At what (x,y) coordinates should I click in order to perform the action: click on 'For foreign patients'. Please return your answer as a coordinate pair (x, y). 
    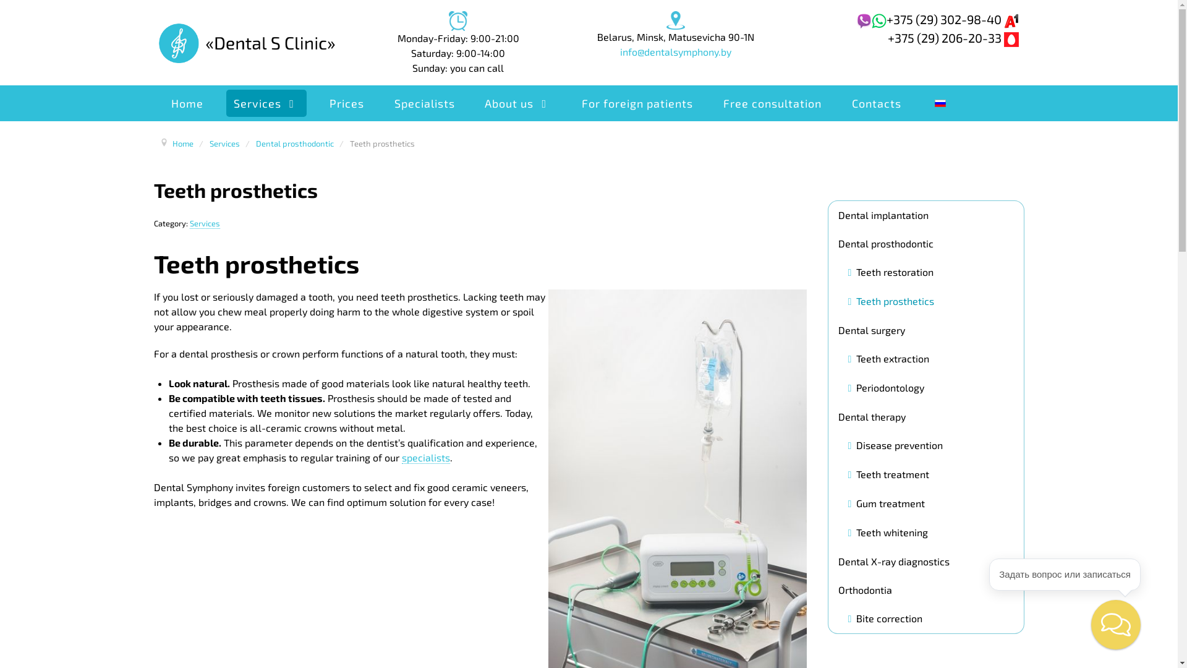
    Looking at the image, I should click on (637, 102).